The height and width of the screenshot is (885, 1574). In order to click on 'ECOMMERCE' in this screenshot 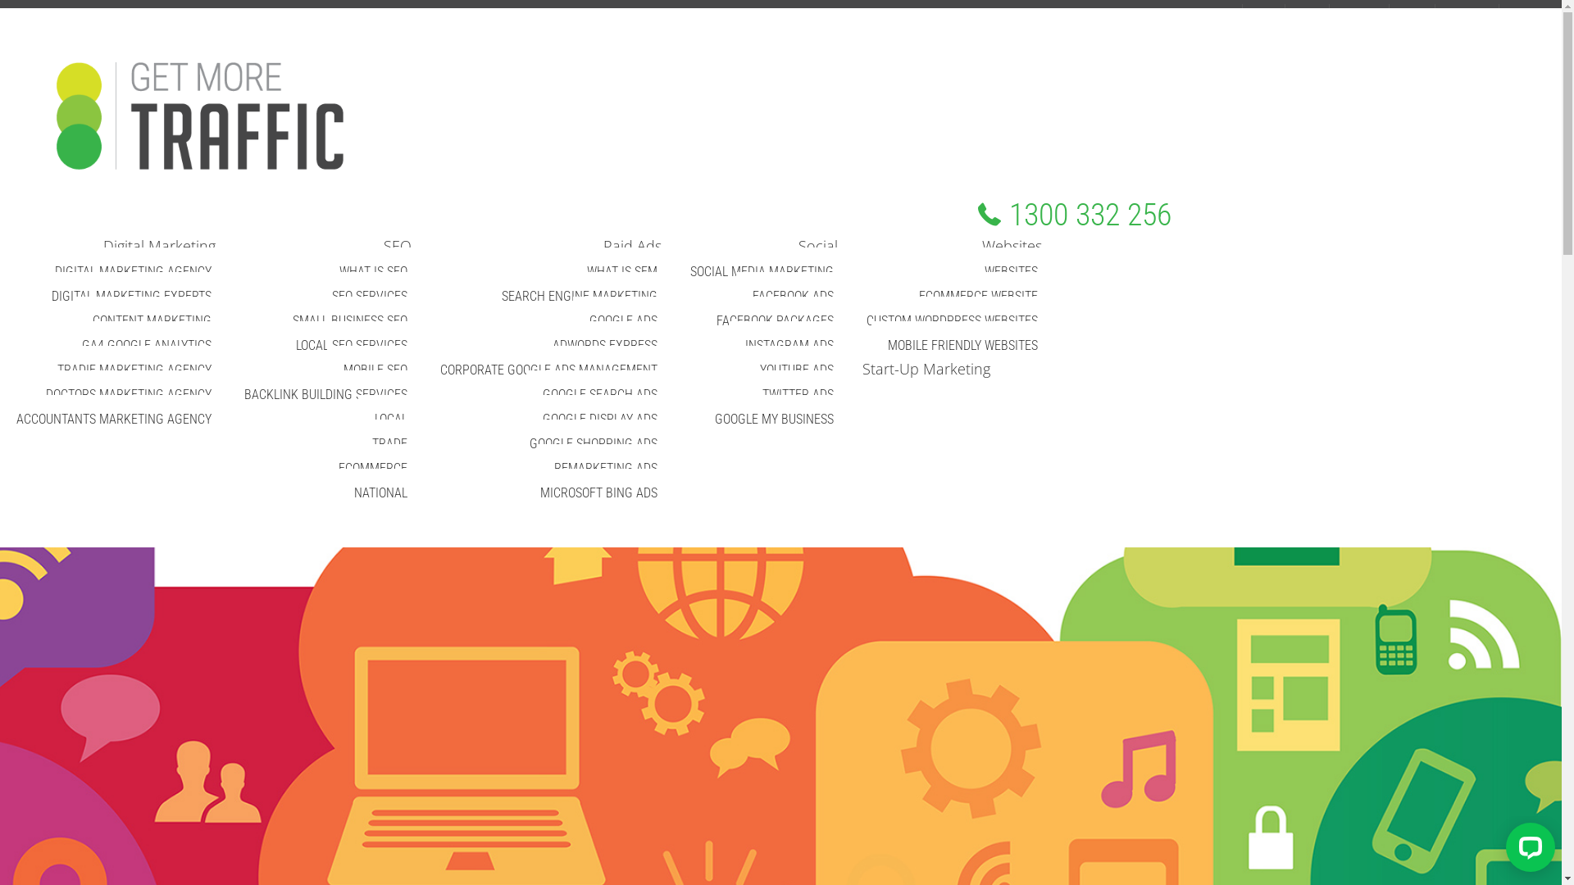, I will do `click(372, 468)`.